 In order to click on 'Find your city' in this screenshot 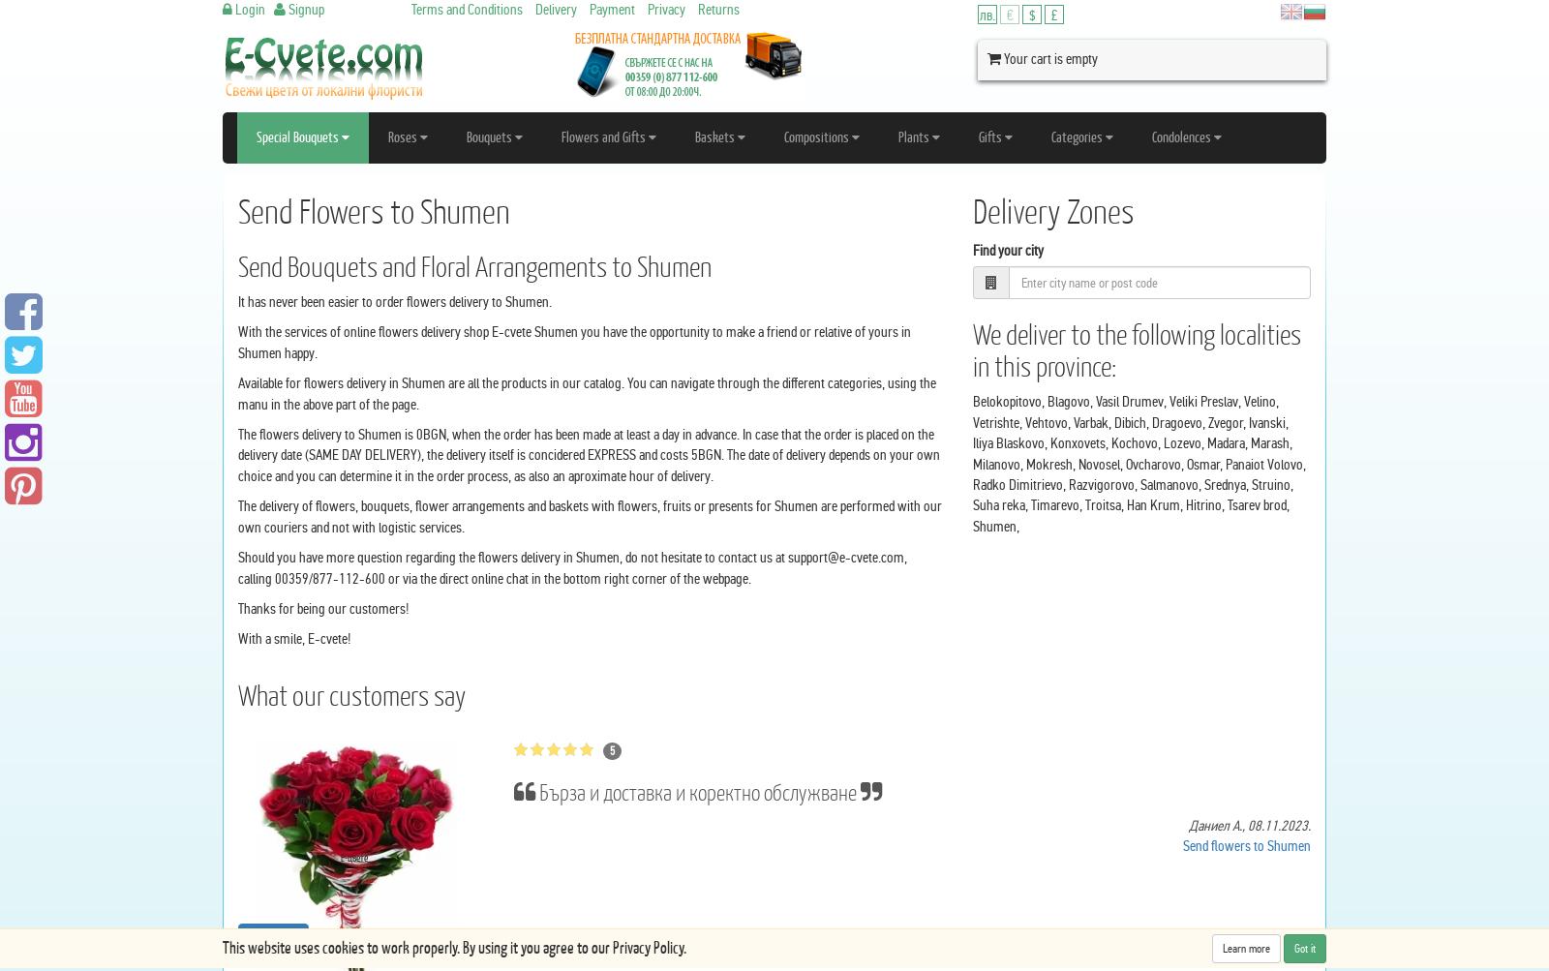, I will do `click(1007, 249)`.